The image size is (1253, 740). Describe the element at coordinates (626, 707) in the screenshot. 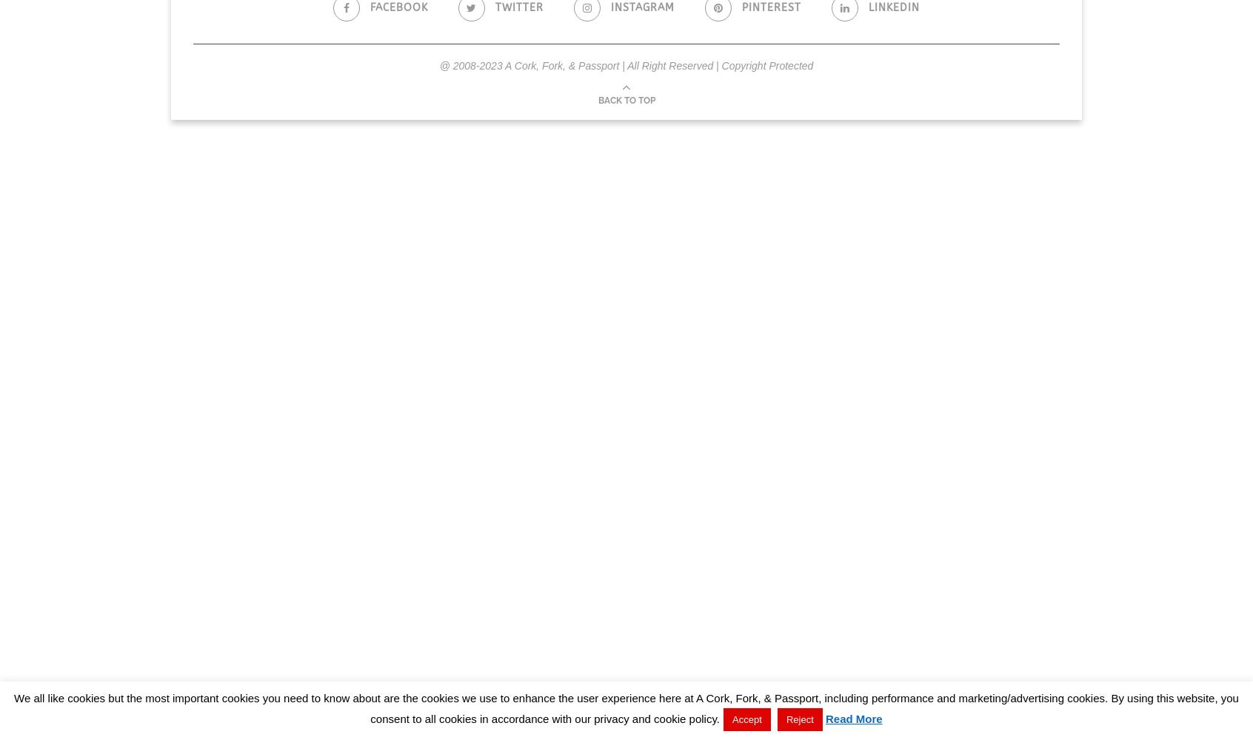

I see `'We all like cookies but the most important cookies you need to know about are the cookies we use to enhance the user experience here at A Cork, Fork, & Passport, including performance and marketing/advertising cookies. By using this website, you consent to all cookies in accordance with our privacy and cookie policy.'` at that location.